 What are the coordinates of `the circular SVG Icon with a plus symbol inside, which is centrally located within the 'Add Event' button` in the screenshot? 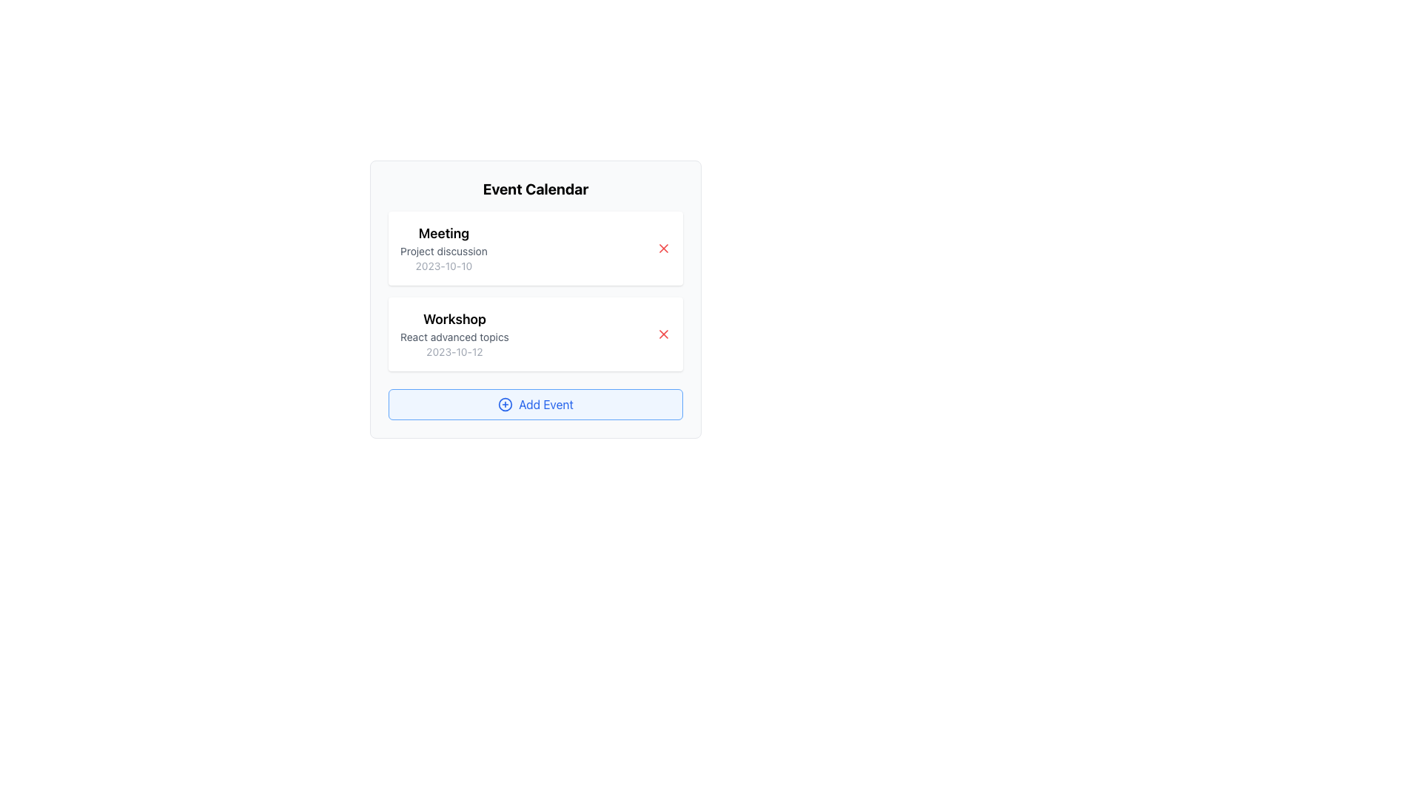 It's located at (505, 405).